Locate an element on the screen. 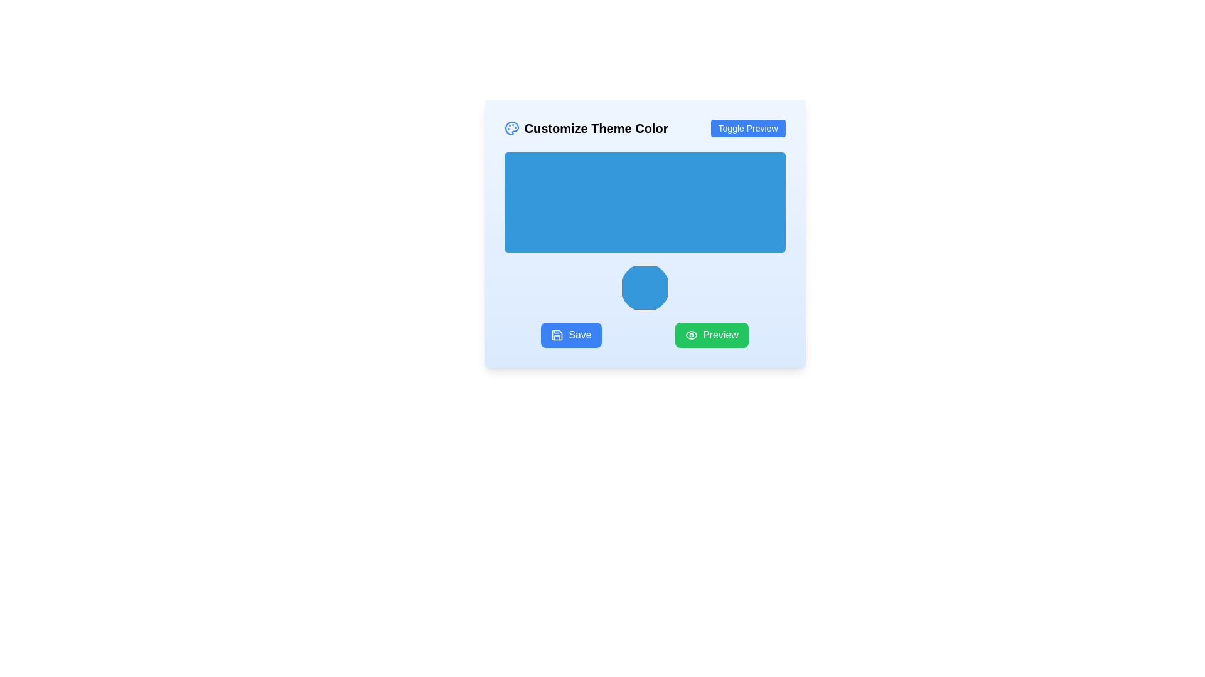 This screenshot has height=677, width=1205. the green rectangular 'Preview' button with rounded corners and white text is located at coordinates (712, 335).